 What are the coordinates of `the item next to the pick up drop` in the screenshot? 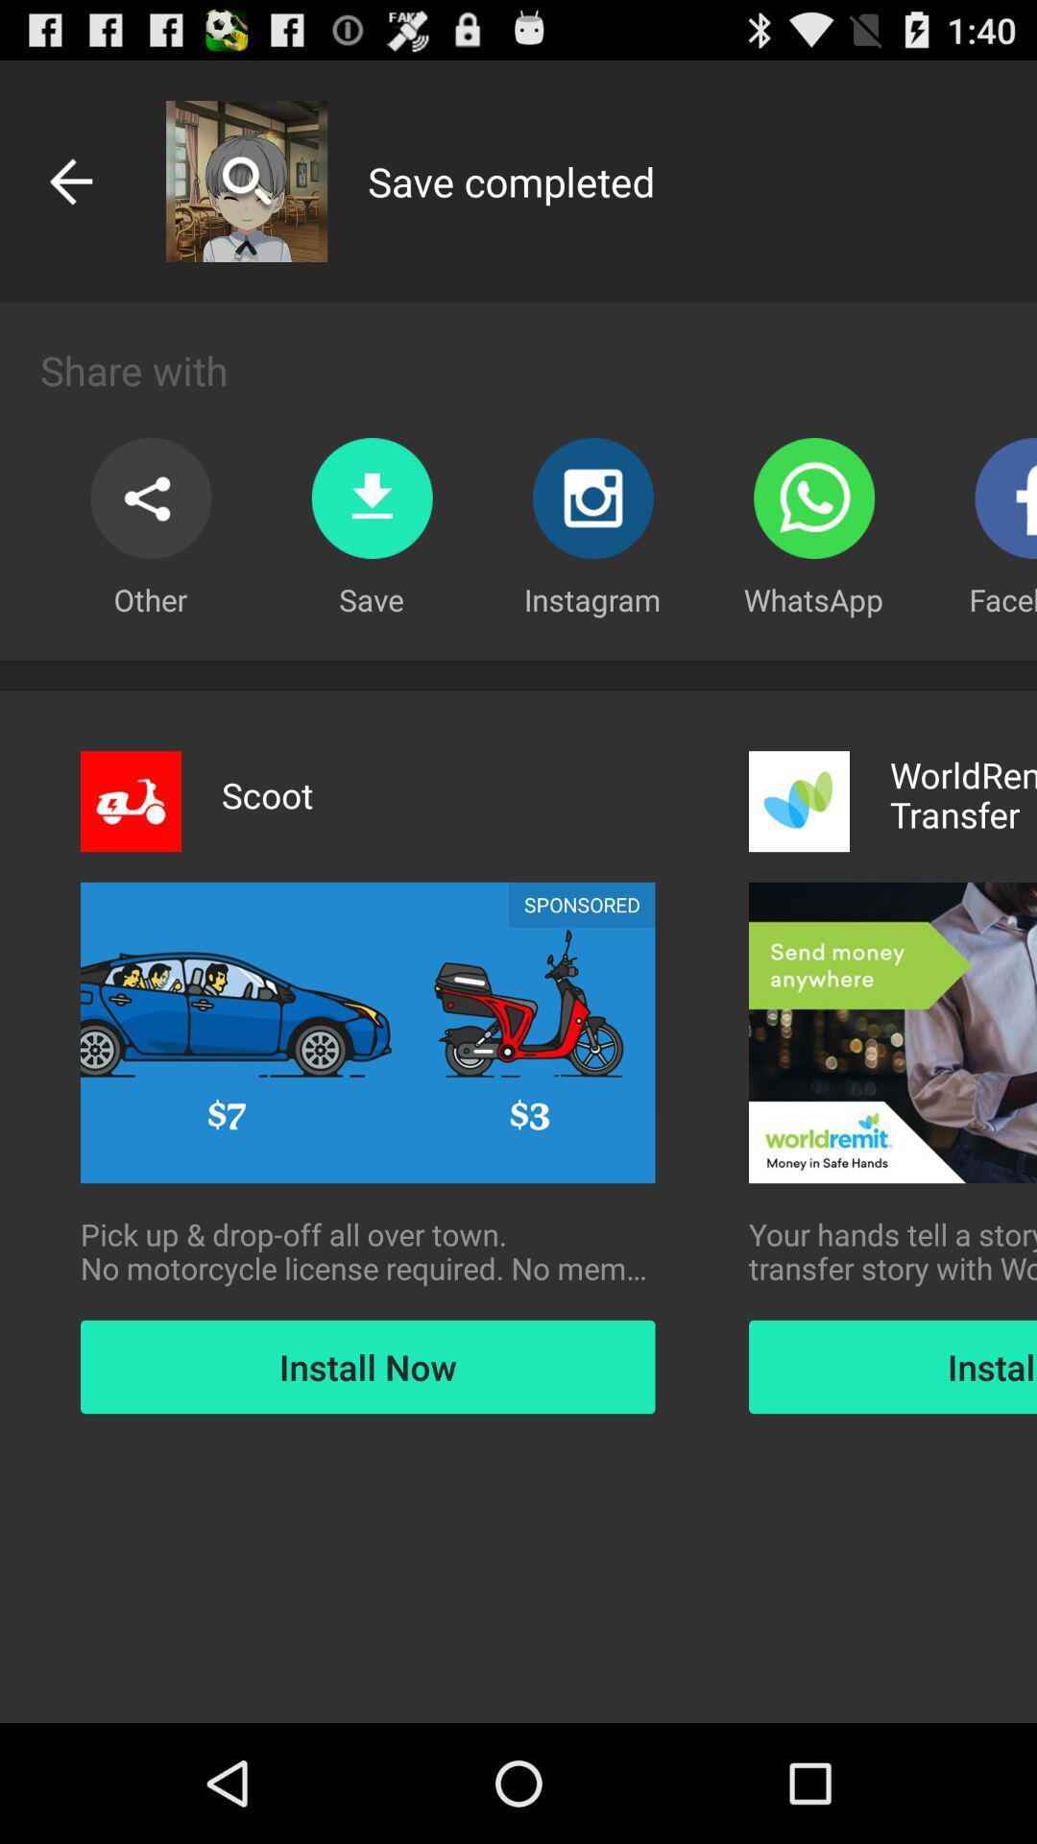 It's located at (892, 1251).